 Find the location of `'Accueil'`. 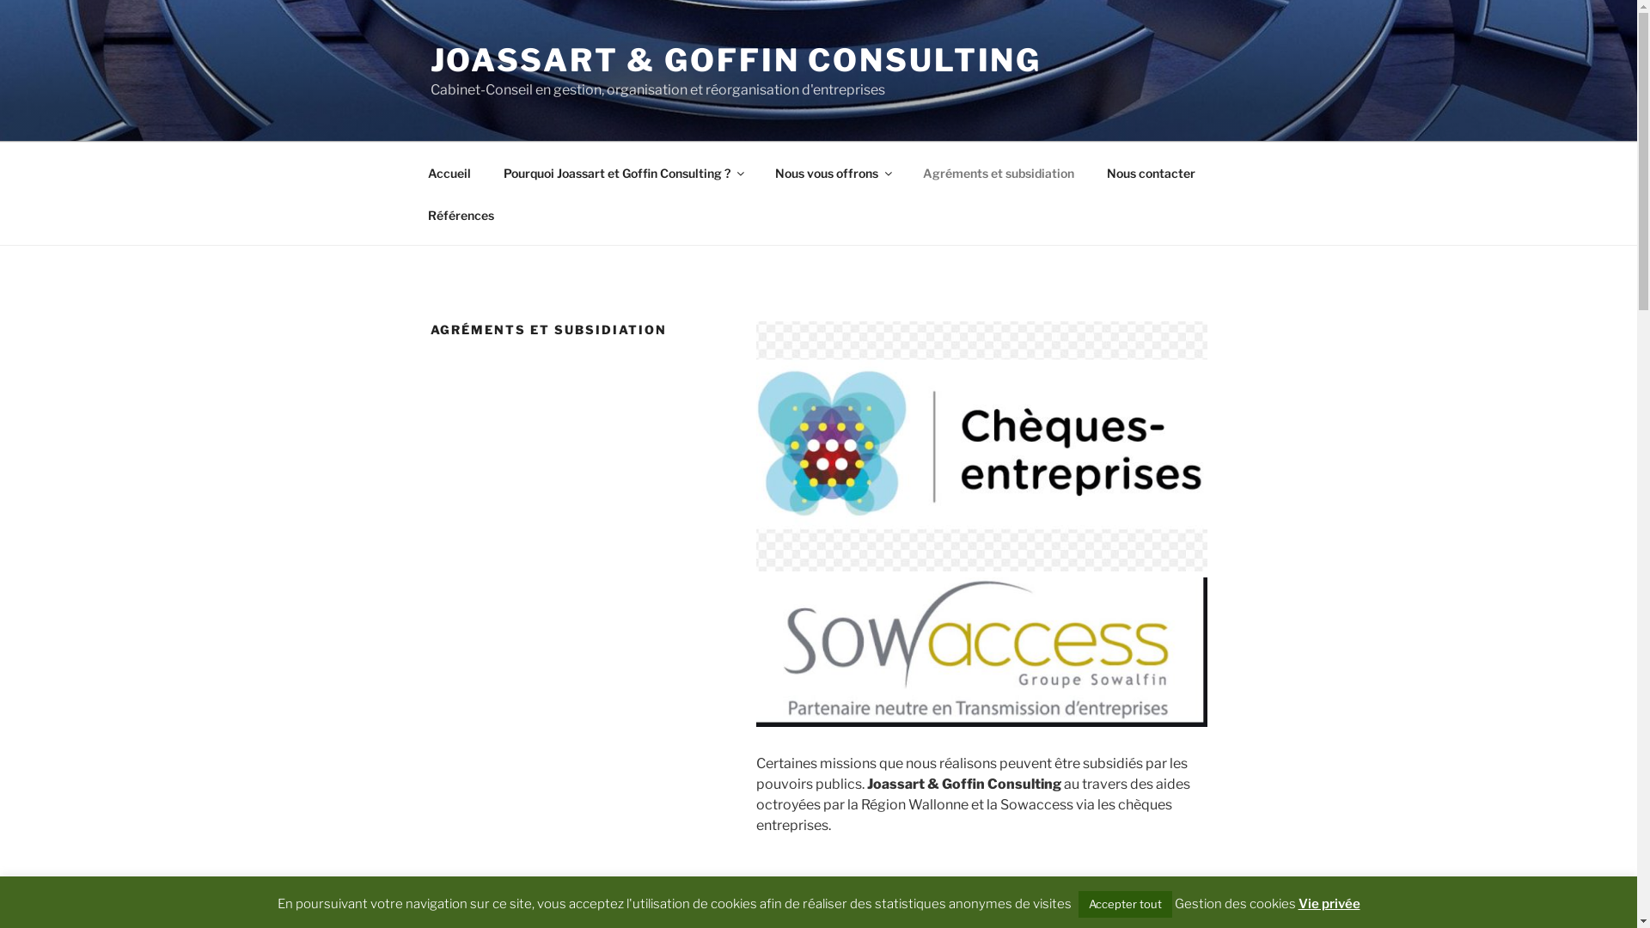

'Accueil' is located at coordinates (449, 172).